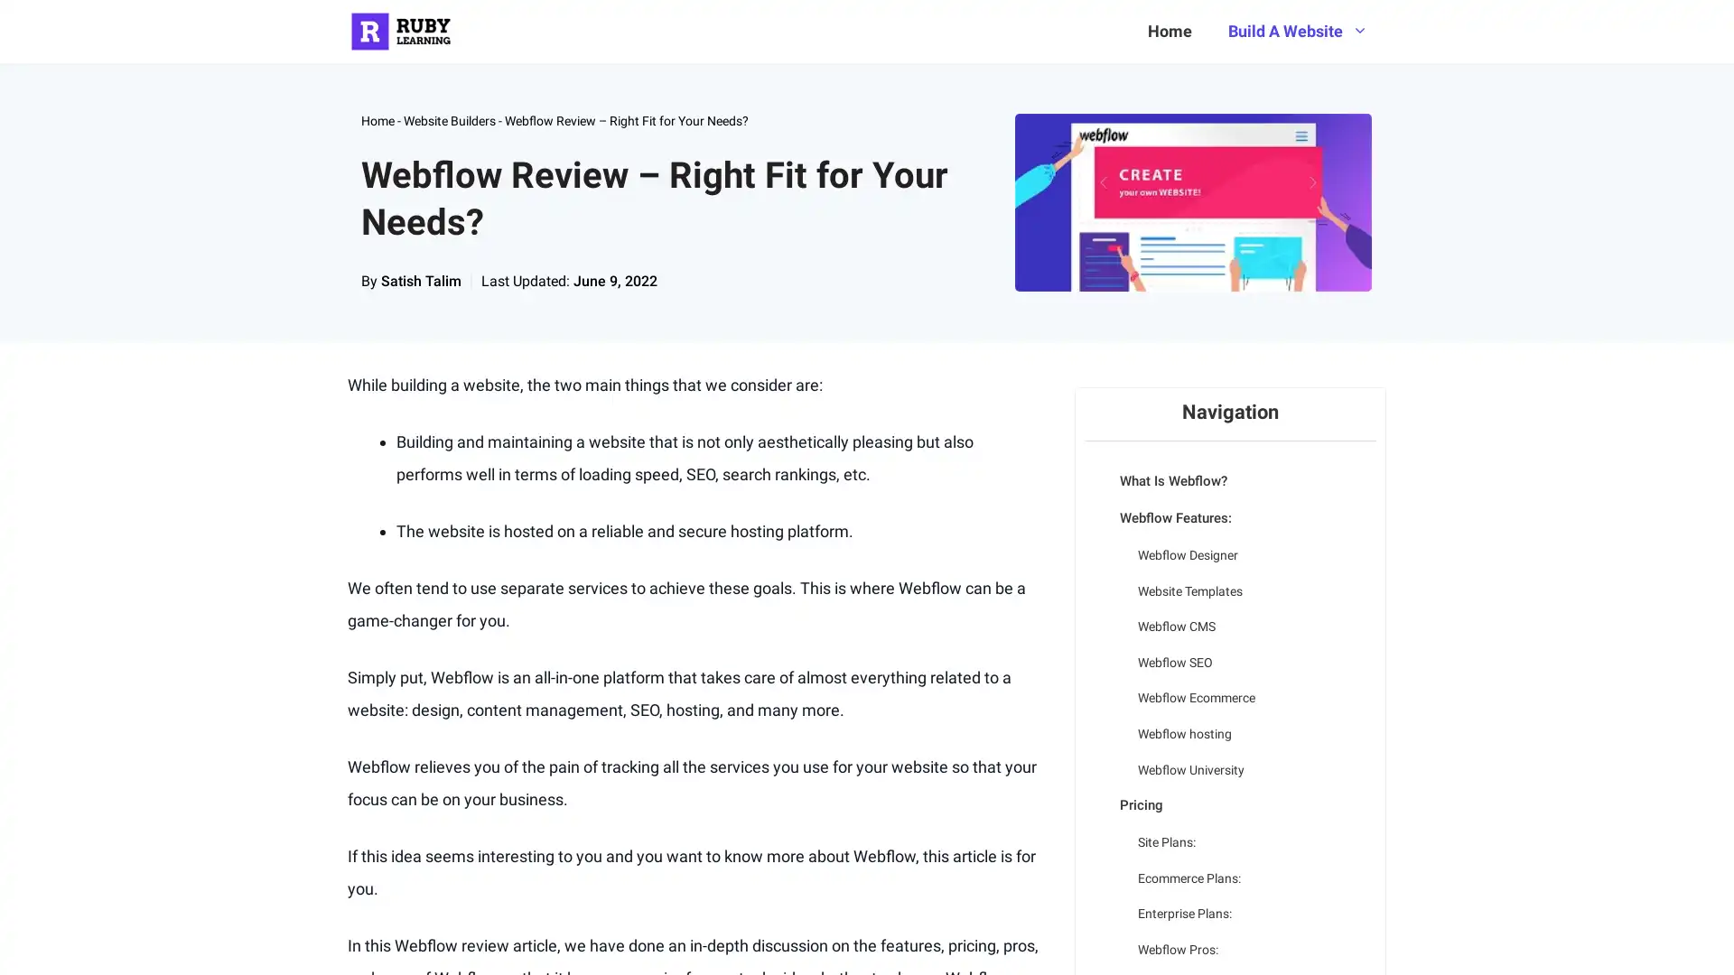 This screenshot has width=1734, height=975. Describe the element at coordinates (1096, 505) in the screenshot. I see `Expand or collapse` at that location.